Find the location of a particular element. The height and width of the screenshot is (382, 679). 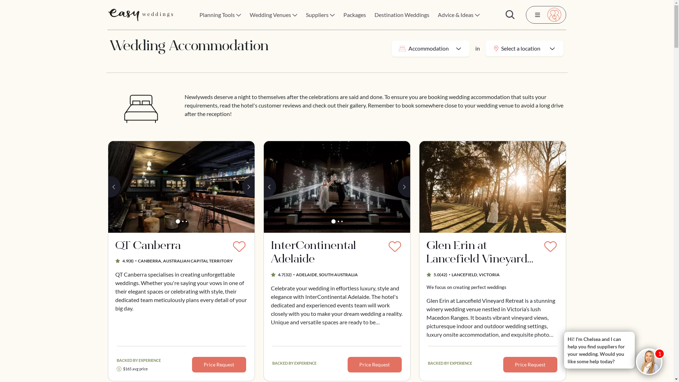

'Planning Tools' is located at coordinates (220, 15).